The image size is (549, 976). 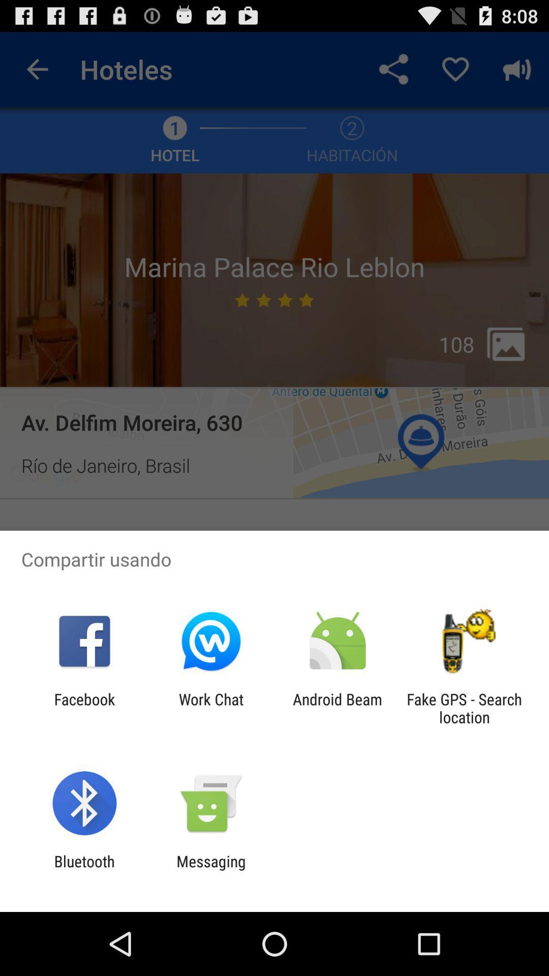 I want to click on the icon to the right of work chat icon, so click(x=338, y=708).